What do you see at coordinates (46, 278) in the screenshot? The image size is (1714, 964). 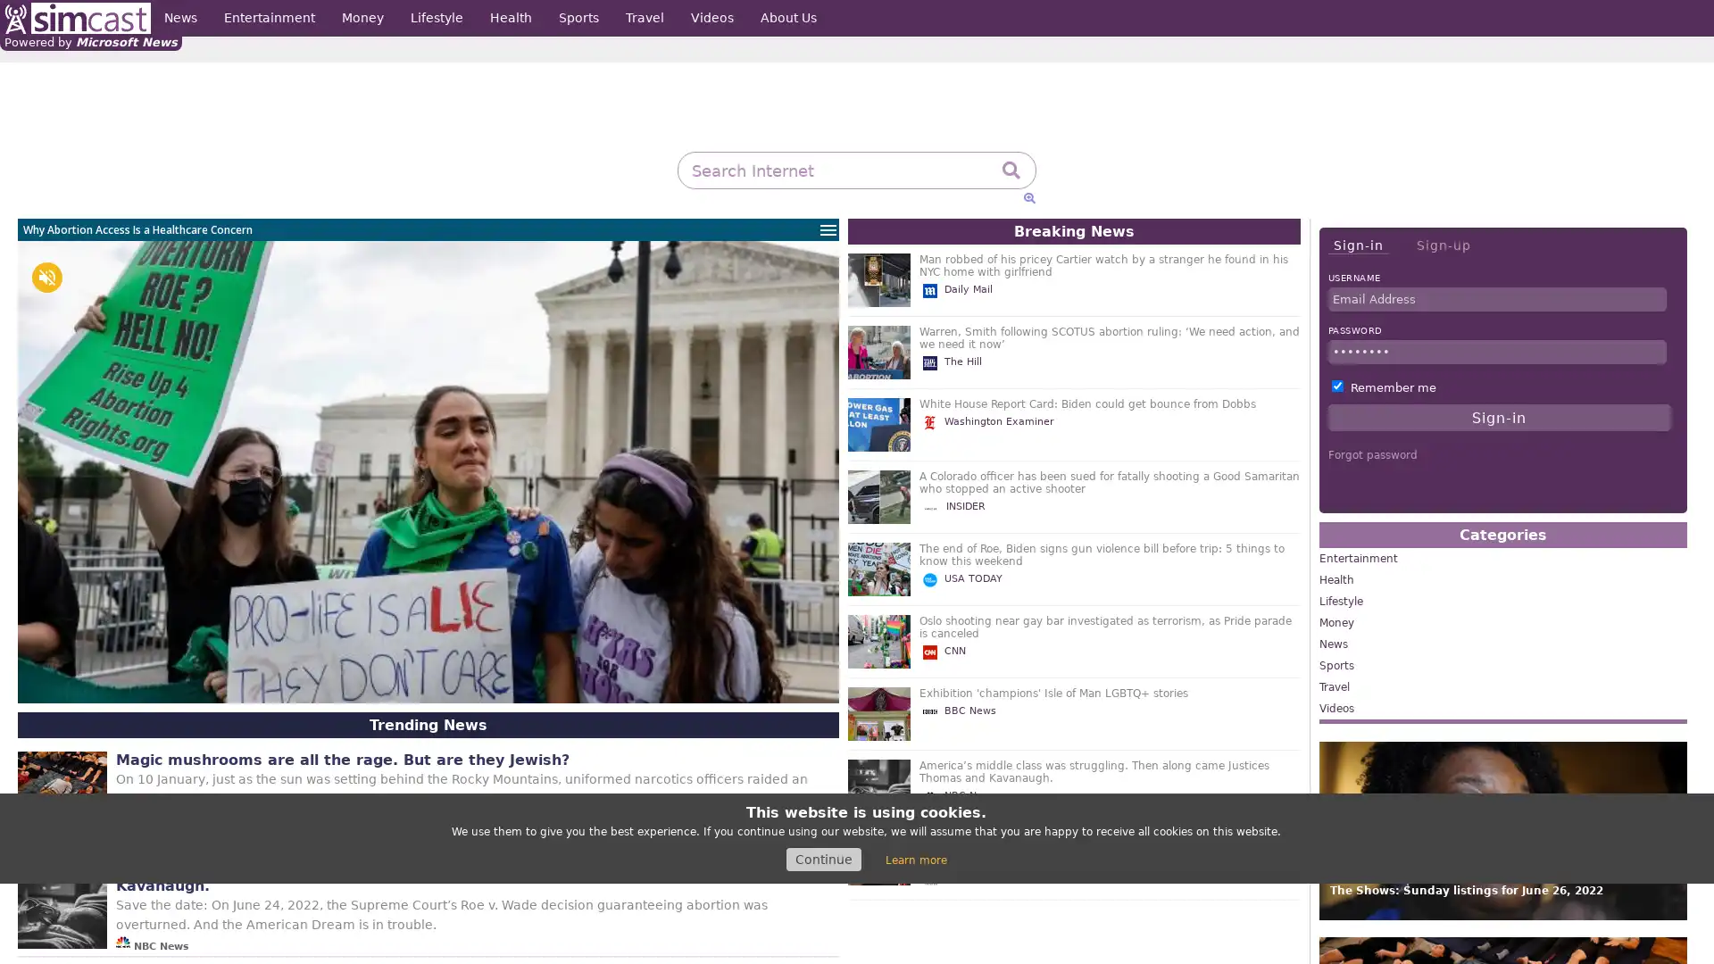 I see `volume_offvolume_up` at bounding box center [46, 278].